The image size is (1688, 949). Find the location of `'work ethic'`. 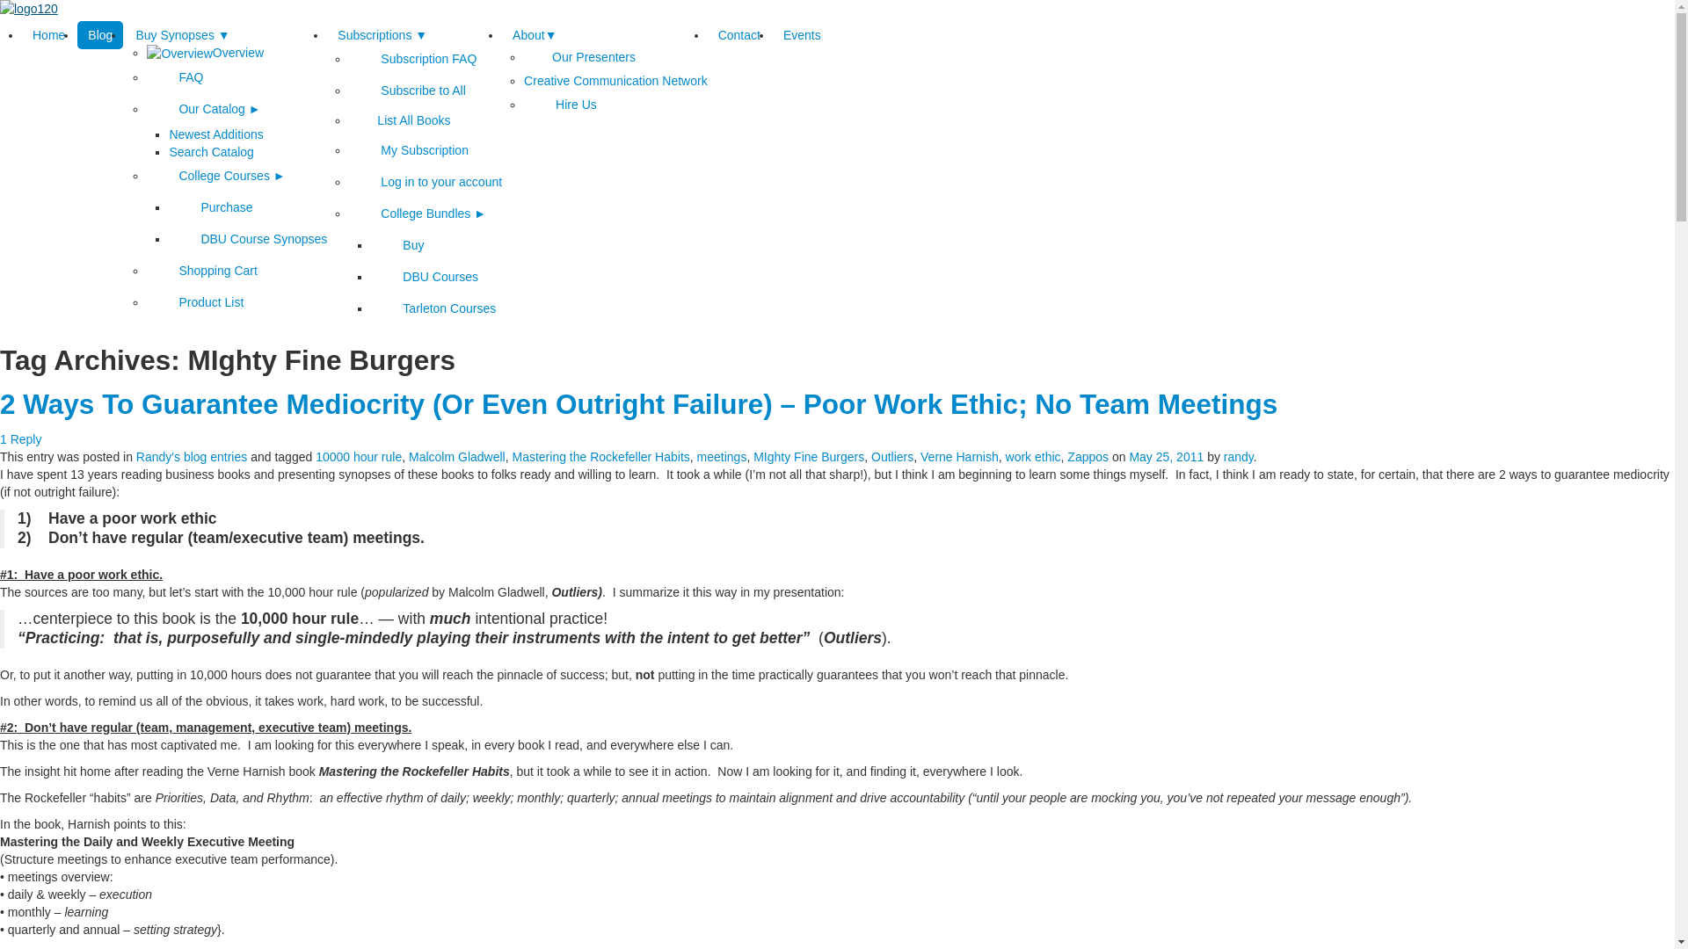

'work ethic' is located at coordinates (1033, 456).